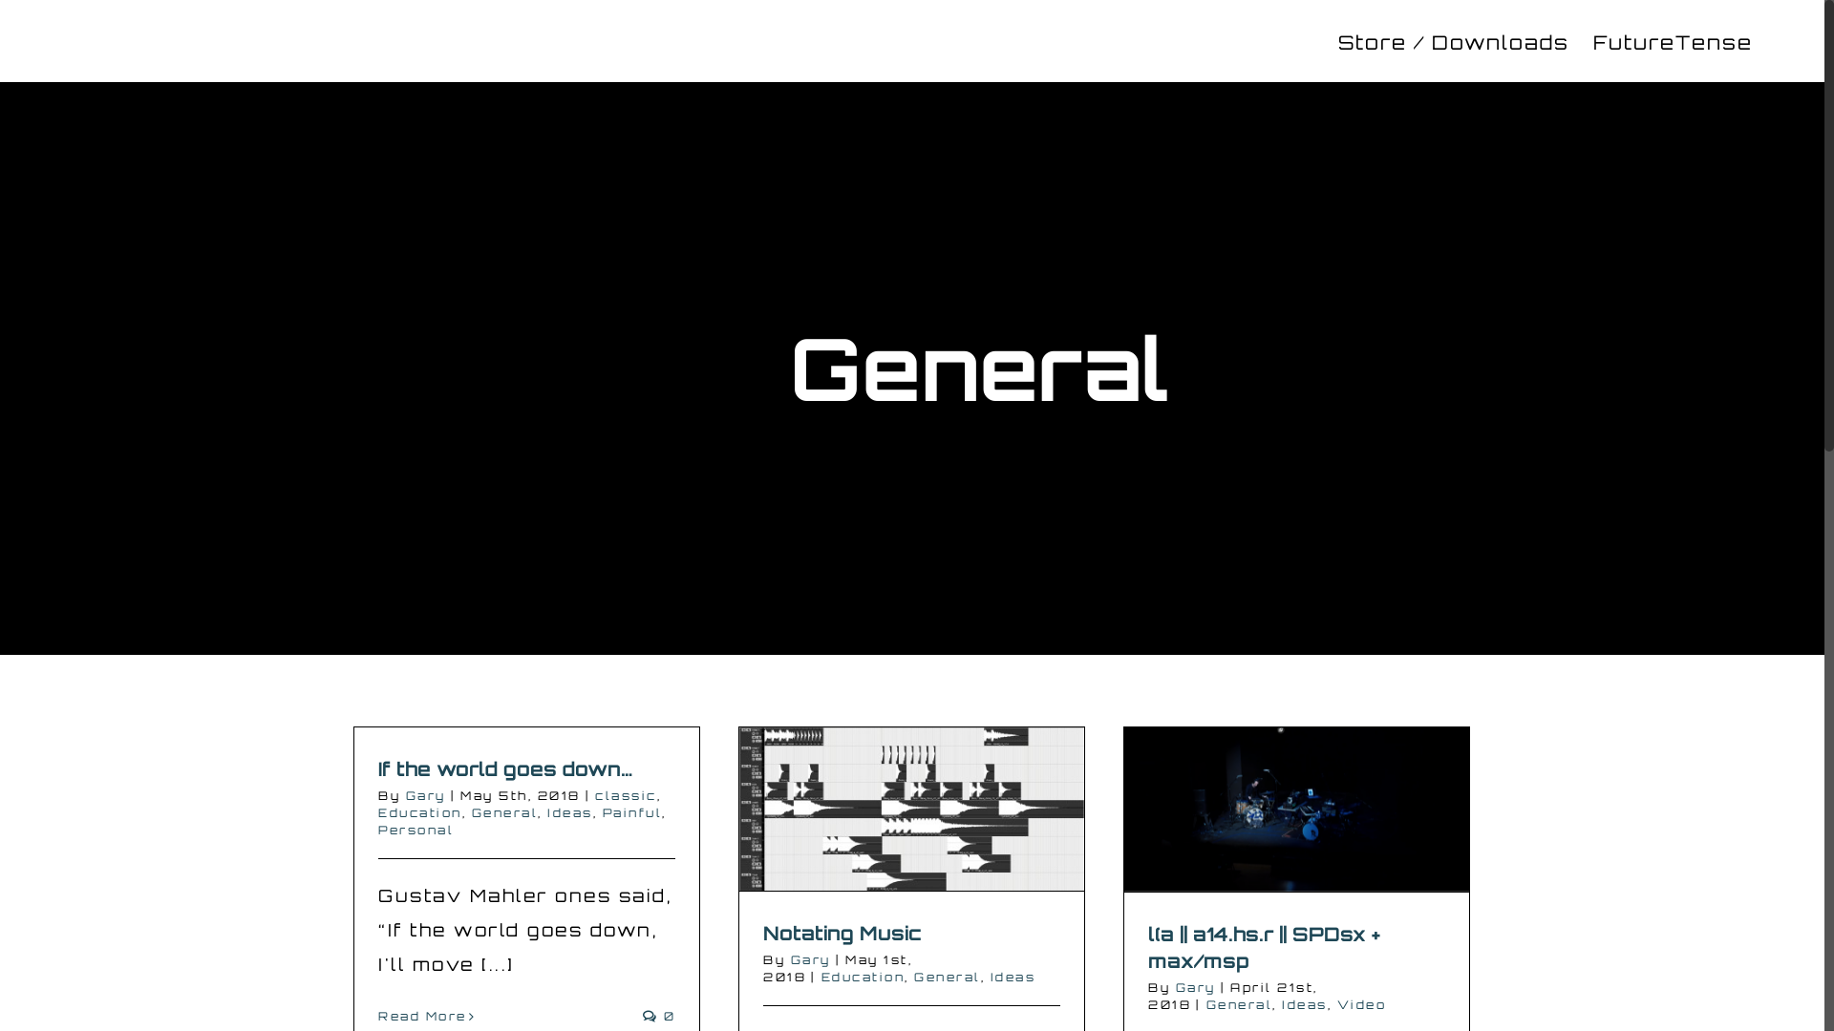  I want to click on 'Education', so click(862, 977).